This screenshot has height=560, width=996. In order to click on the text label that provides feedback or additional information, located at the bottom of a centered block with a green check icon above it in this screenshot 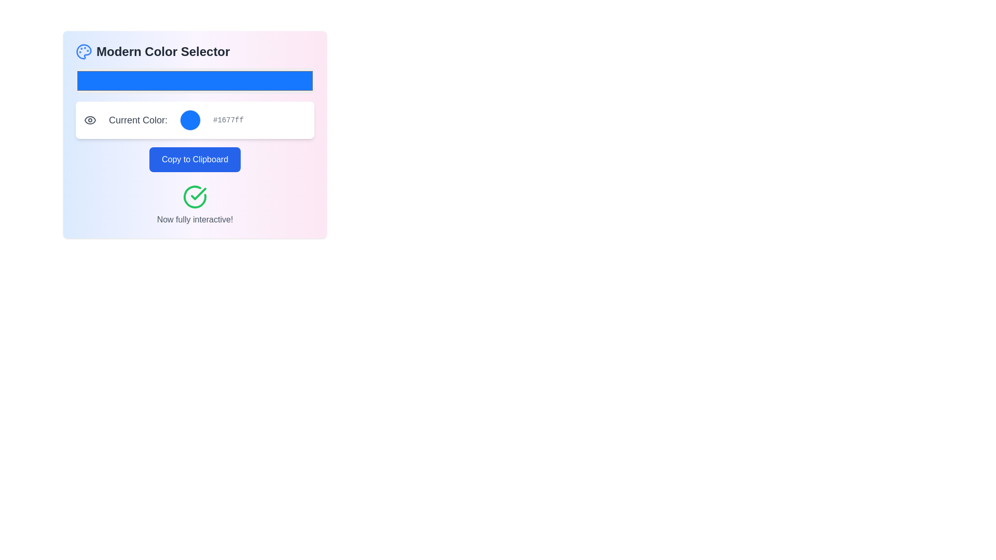, I will do `click(195, 219)`.